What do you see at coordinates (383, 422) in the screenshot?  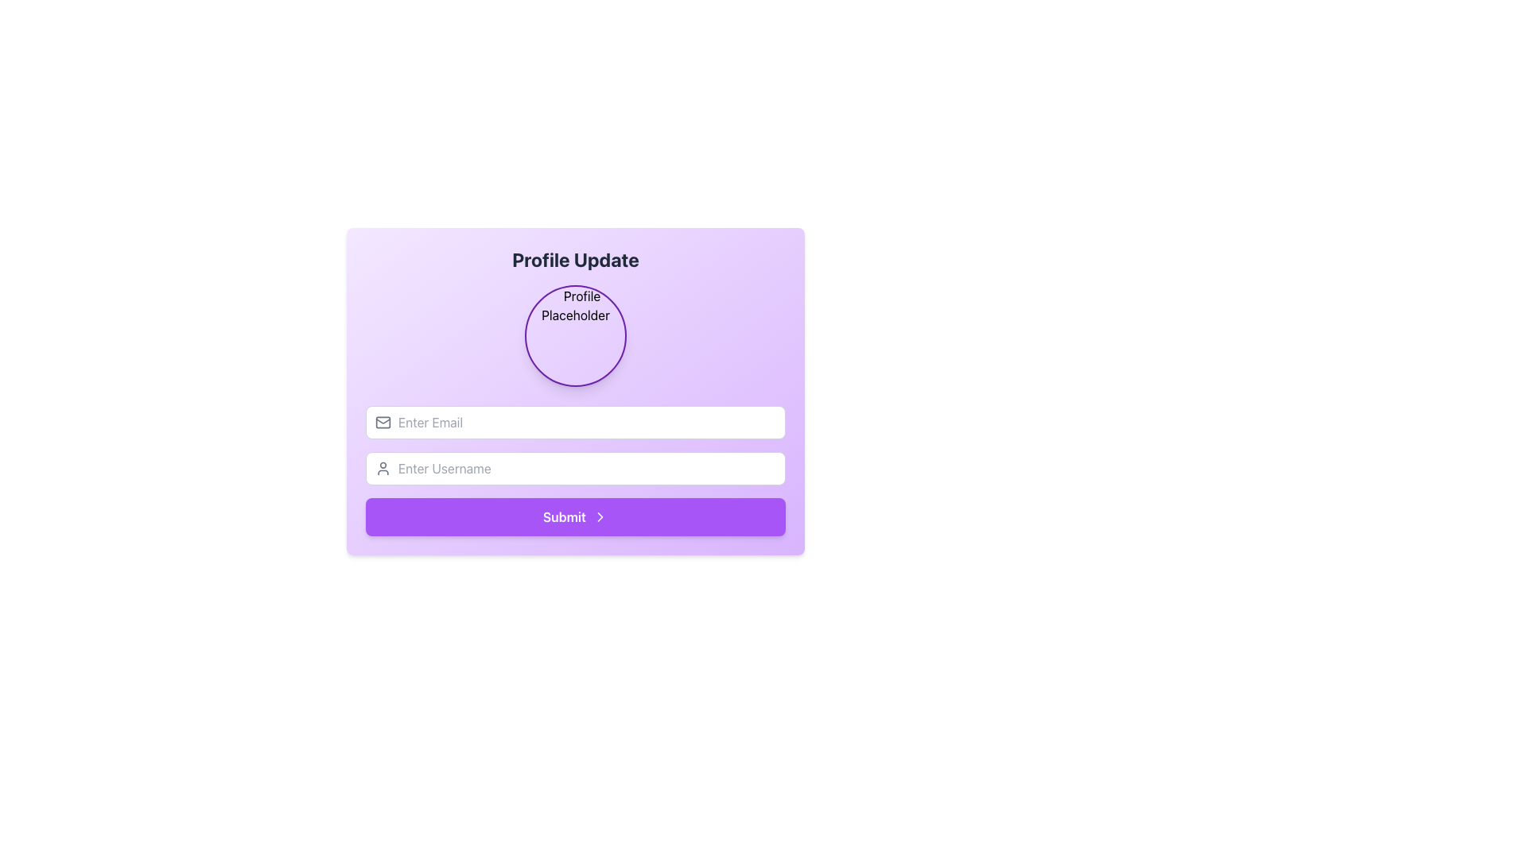 I see `the email icon located to the left of the 'Enter Email' text input field, which serves as a visual cue for the input purpose` at bounding box center [383, 422].